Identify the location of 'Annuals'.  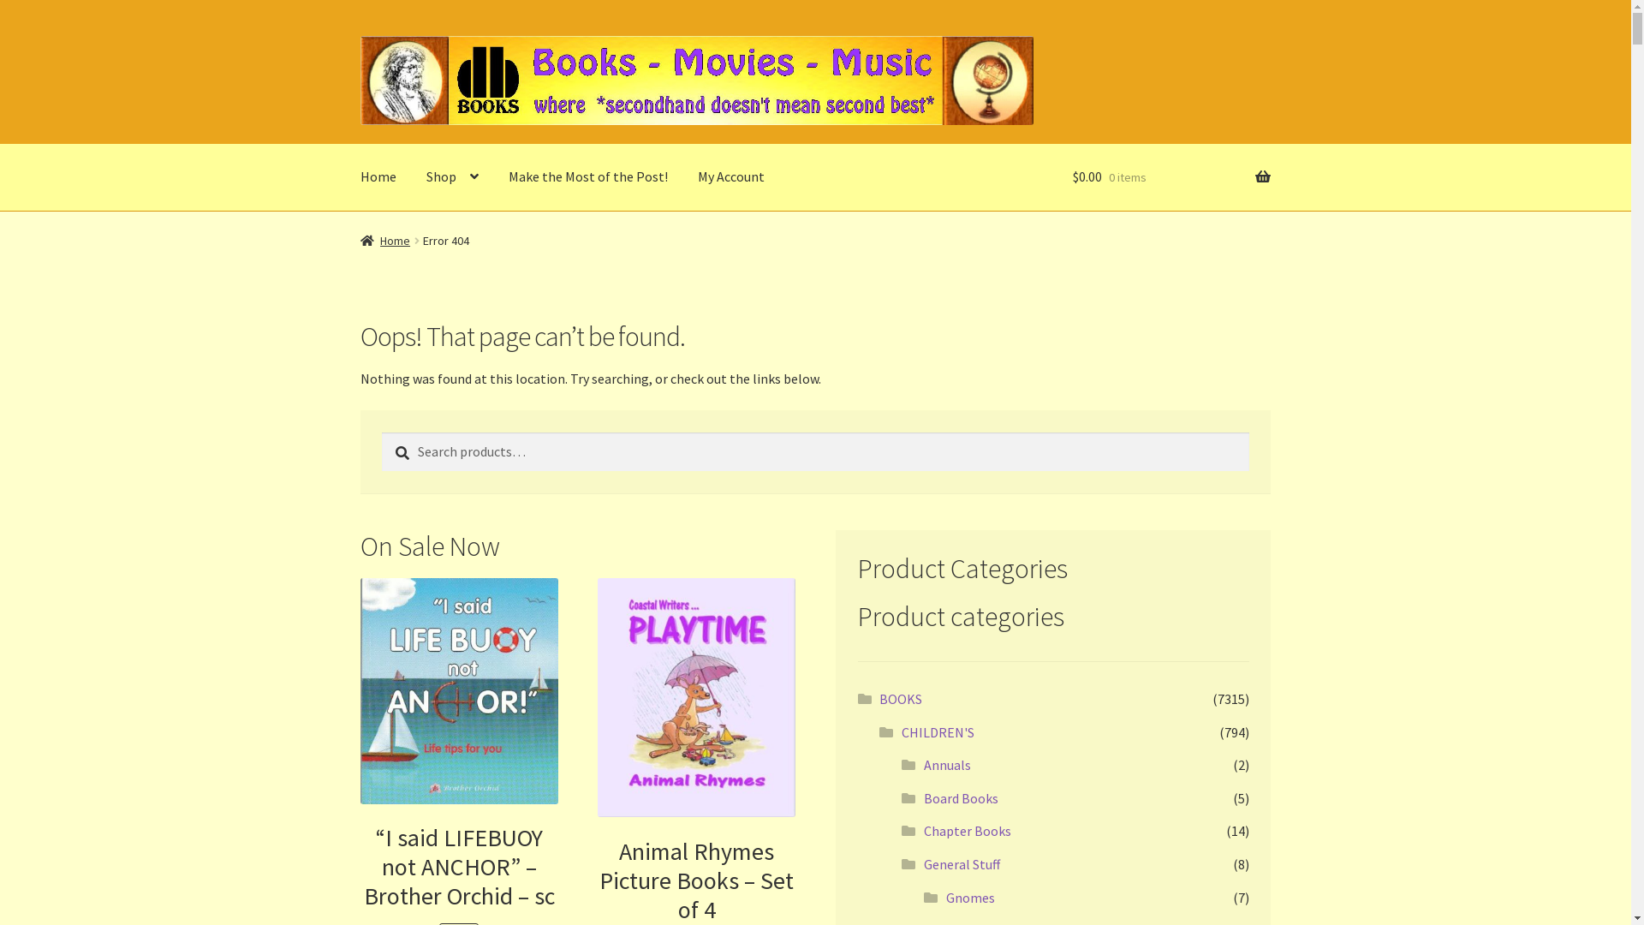
(946, 764).